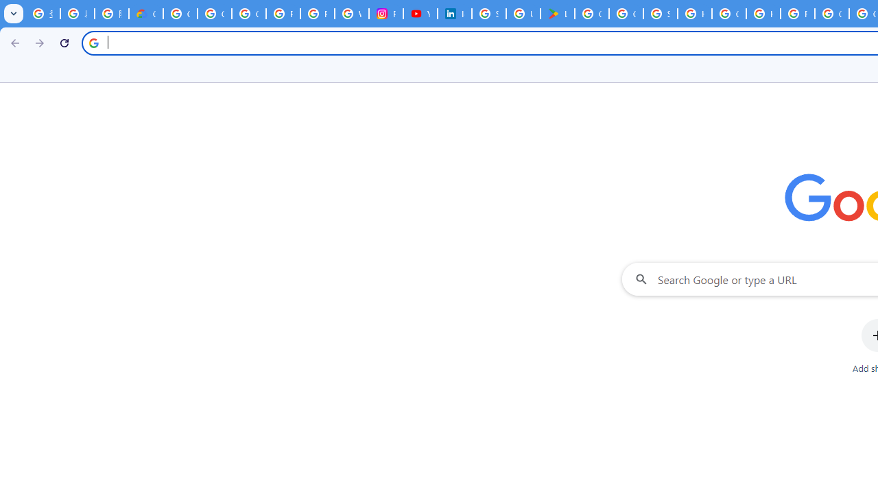  I want to click on 'Last Shelter: Survival - Apps on Google Play', so click(558, 14).